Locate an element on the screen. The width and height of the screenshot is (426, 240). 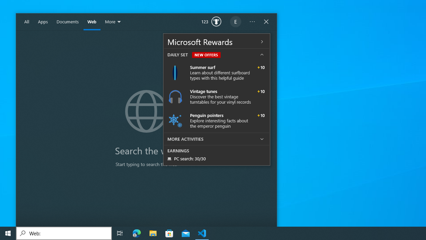
'Documents' is located at coordinates (68, 22).